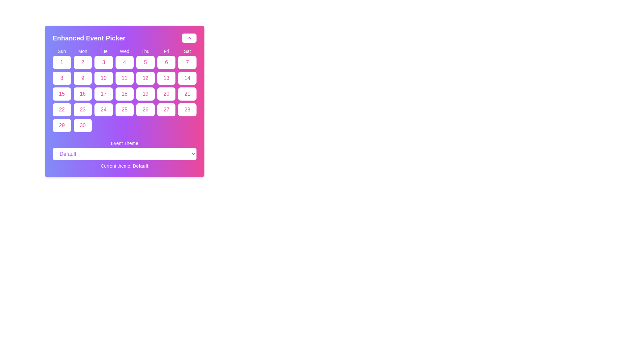 Image resolution: width=632 pixels, height=355 pixels. Describe the element at coordinates (82, 109) in the screenshot. I see `the selectable date button for the date '23' located in the second column of the fourth row in the date picker interface` at that location.